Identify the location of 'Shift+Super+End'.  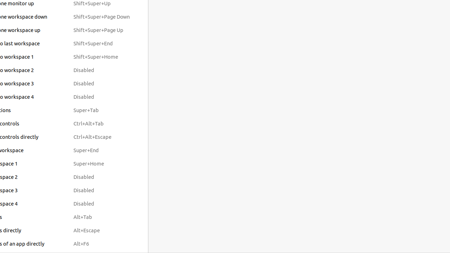
(101, 43).